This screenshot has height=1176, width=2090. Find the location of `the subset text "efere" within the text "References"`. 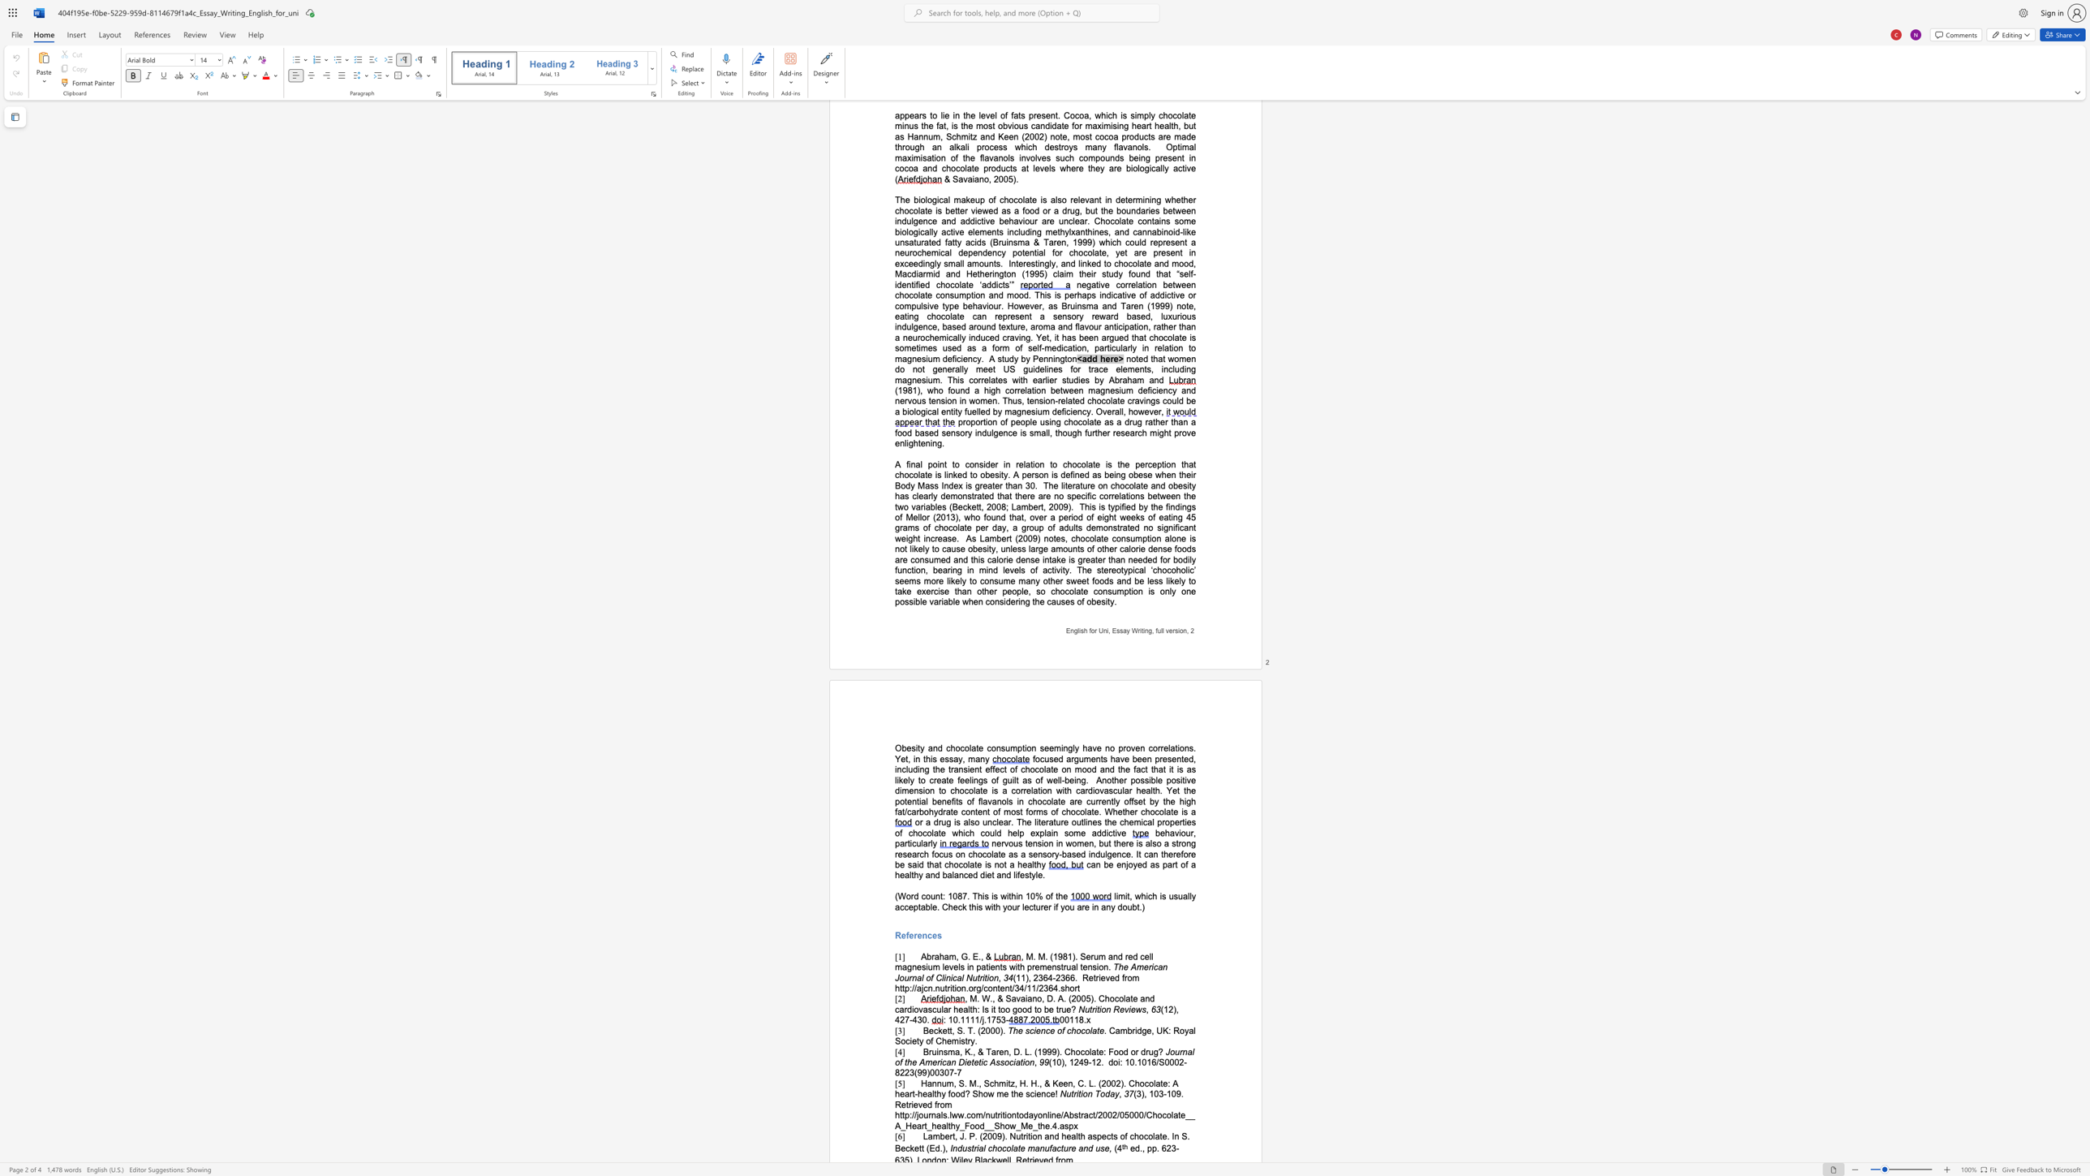

the subset text "efere" within the text "References" is located at coordinates (901, 935).